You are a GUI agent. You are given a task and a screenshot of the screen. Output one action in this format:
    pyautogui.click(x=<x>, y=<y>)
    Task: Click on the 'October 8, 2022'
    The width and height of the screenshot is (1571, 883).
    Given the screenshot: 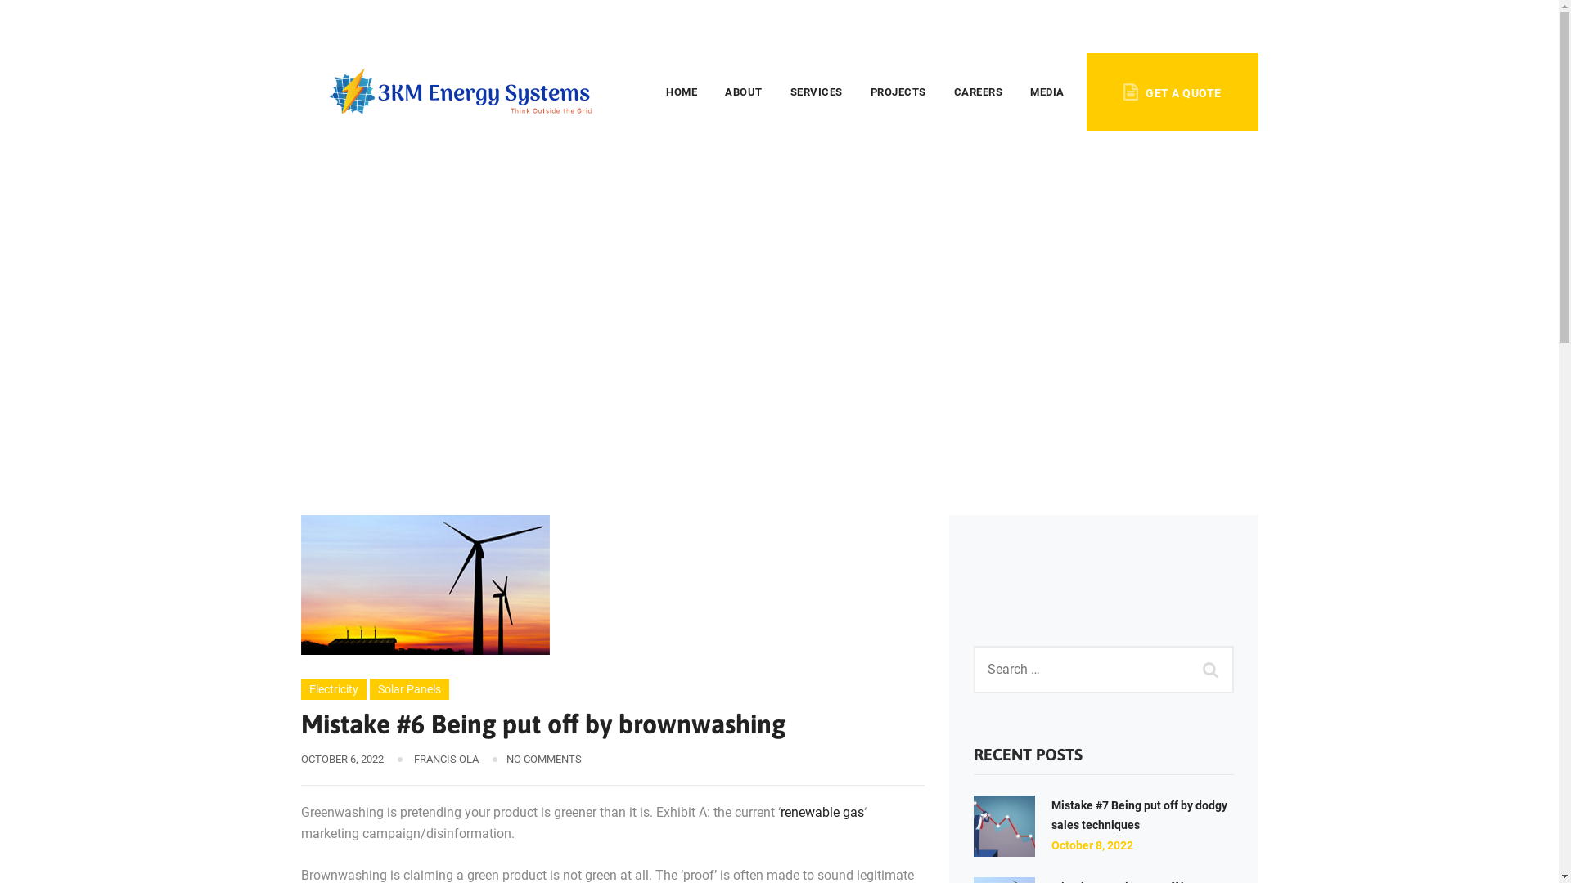 What is the action you would take?
    pyautogui.click(x=1092, y=845)
    